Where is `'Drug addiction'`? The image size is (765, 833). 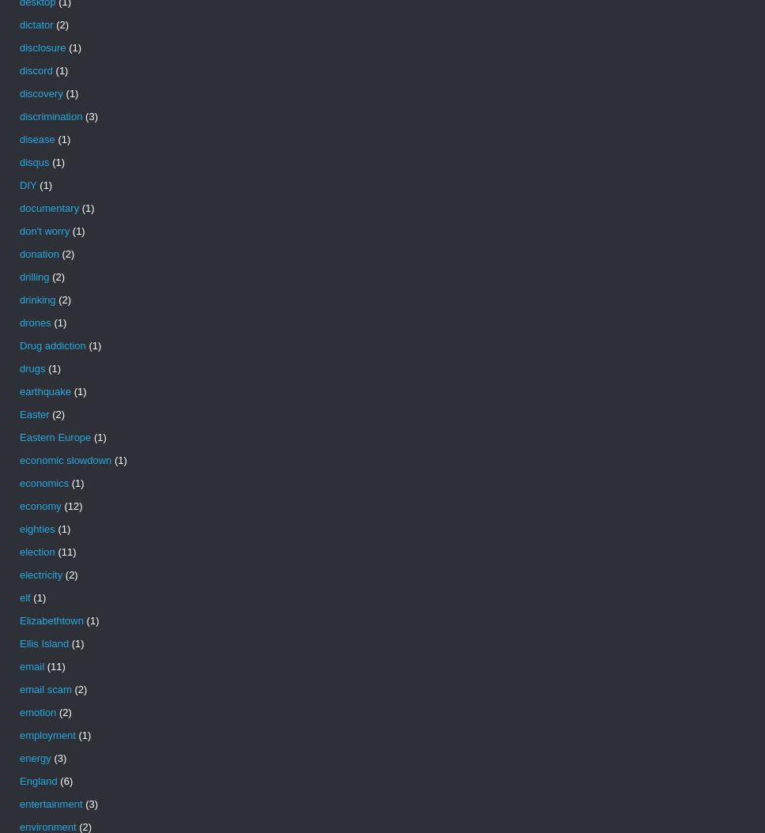 'Drug addiction' is located at coordinates (19, 345).